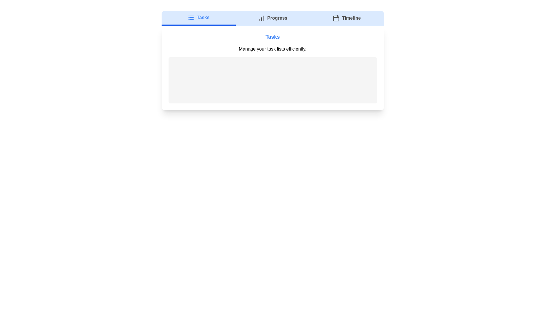 Image resolution: width=556 pixels, height=312 pixels. I want to click on the calendar icon represented by the SVG rectangle in the top navigation bar, located to the right of the 'Timeline' label, so click(336, 18).